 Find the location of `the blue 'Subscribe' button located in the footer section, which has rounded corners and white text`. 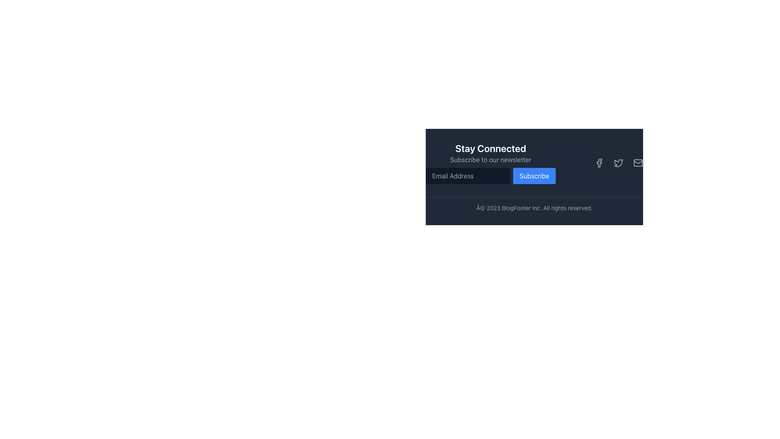

the blue 'Subscribe' button located in the footer section, which has rounded corners and white text is located at coordinates (534, 175).